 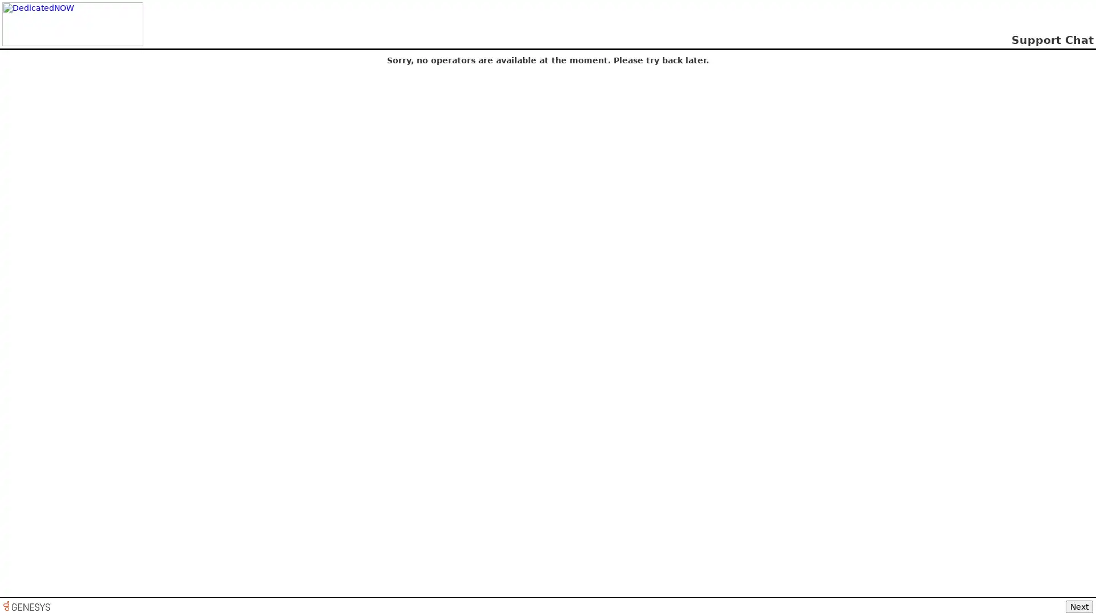 What do you see at coordinates (1079, 606) in the screenshot?
I see `Next` at bounding box center [1079, 606].